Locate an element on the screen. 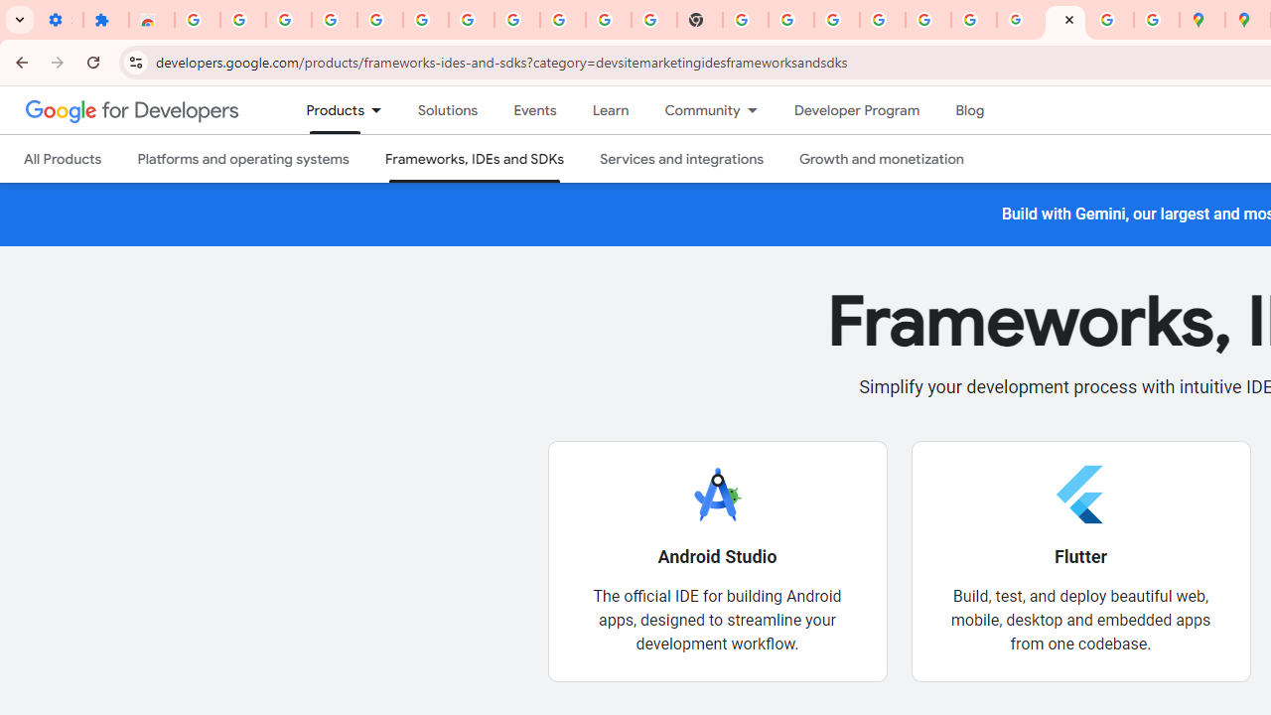  'Frameworks, IDEs and SDKs, selected' is located at coordinates (474, 158).